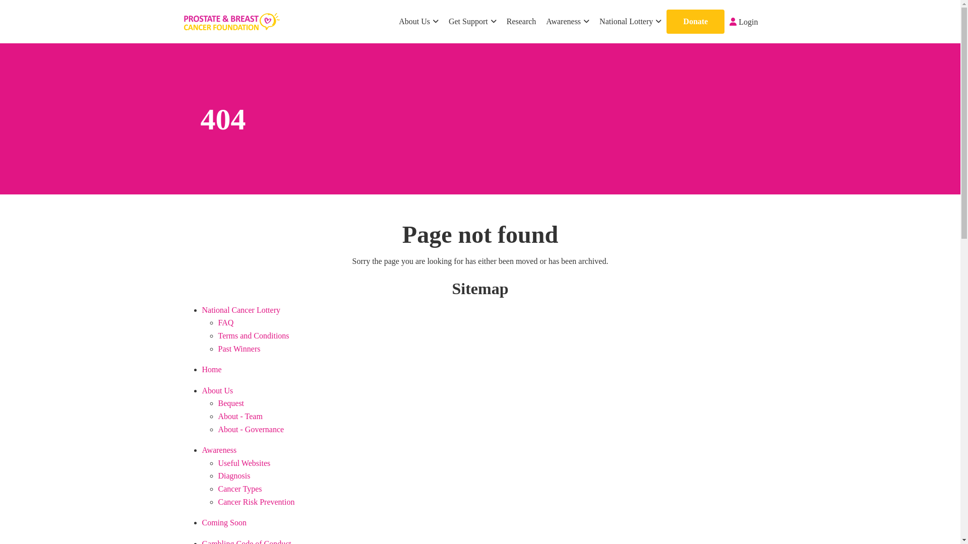 This screenshot has width=968, height=544. Describe the element at coordinates (521, 21) in the screenshot. I see `'Research'` at that location.